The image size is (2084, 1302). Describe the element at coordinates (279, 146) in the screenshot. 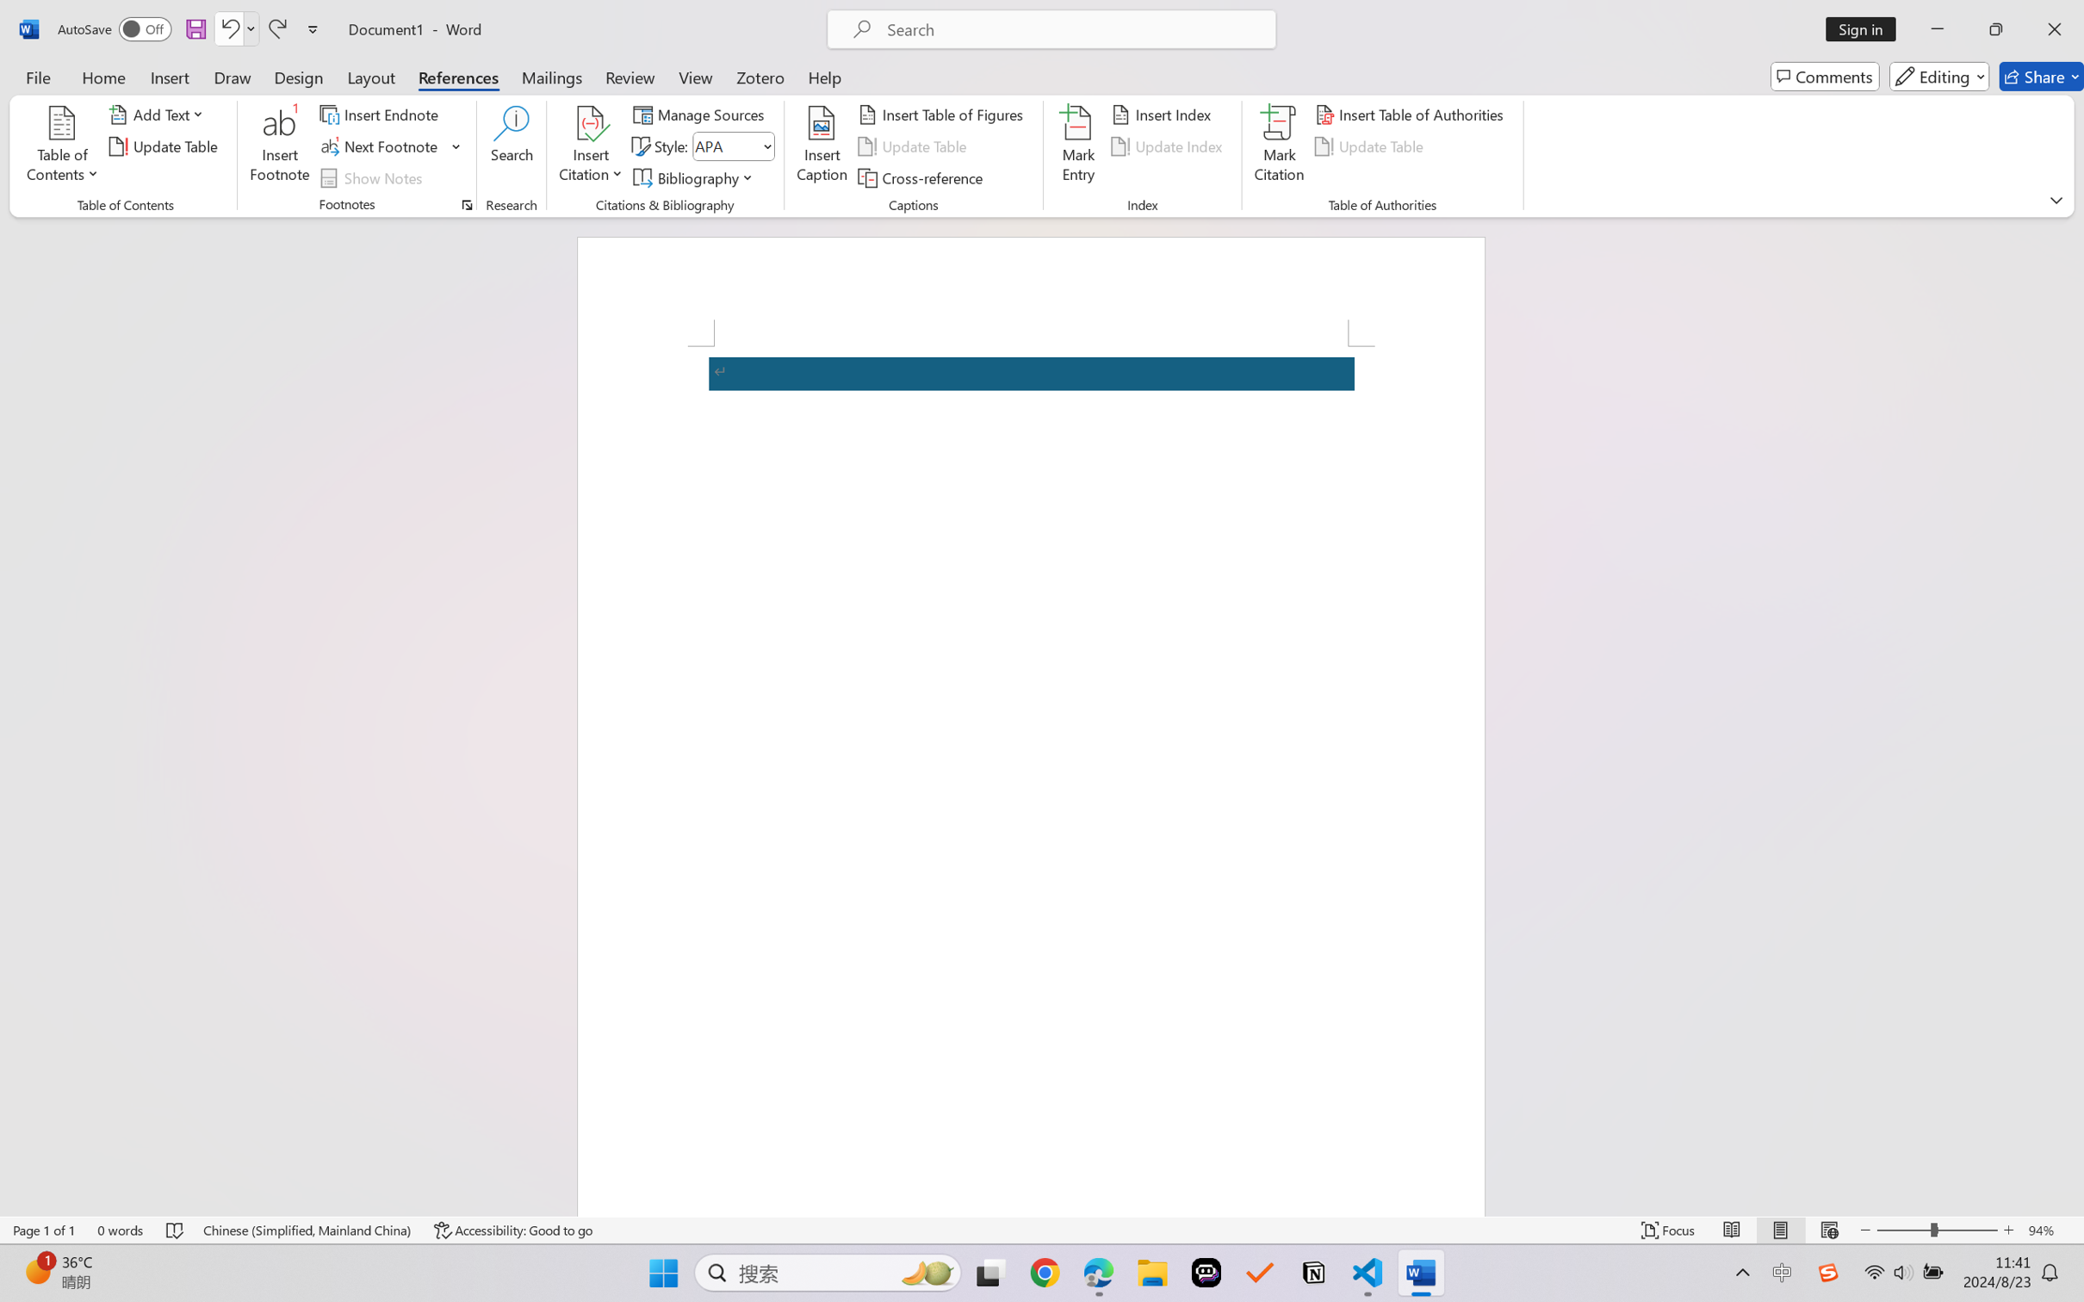

I see `'Insert Footnote'` at that location.